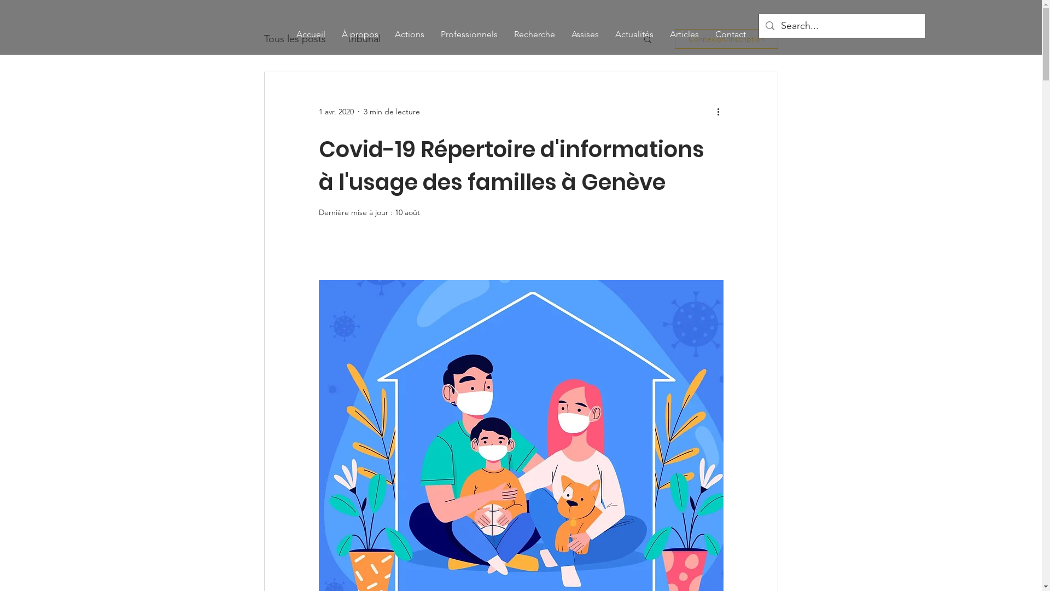 This screenshot has height=591, width=1050. I want to click on 'Actions', so click(386, 33).